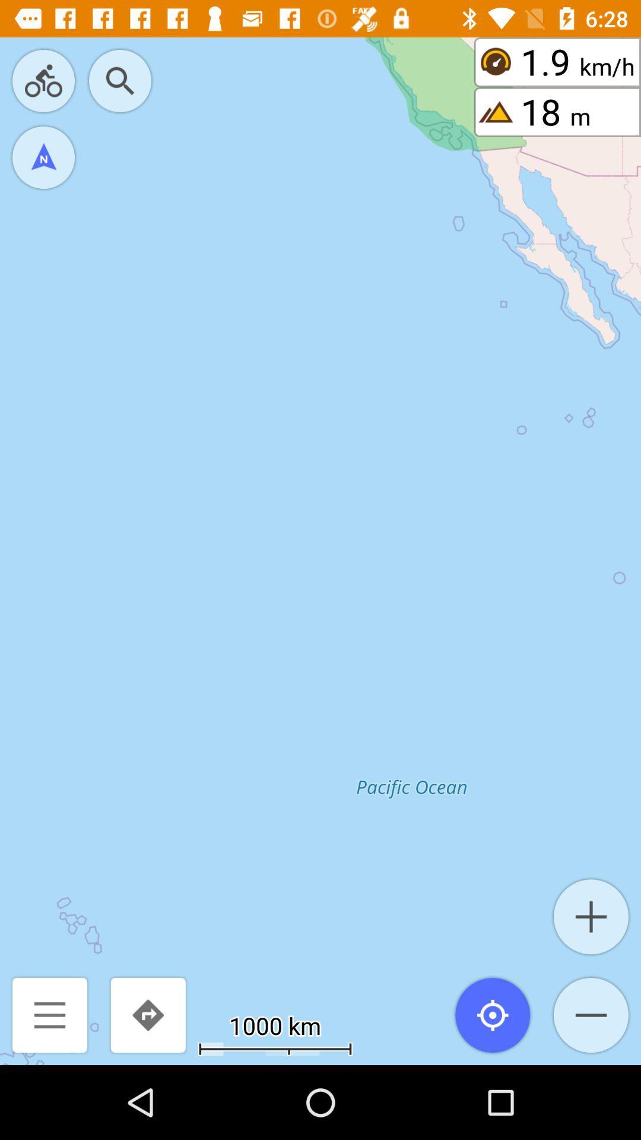  I want to click on the location_crosshair icon, so click(493, 1014).